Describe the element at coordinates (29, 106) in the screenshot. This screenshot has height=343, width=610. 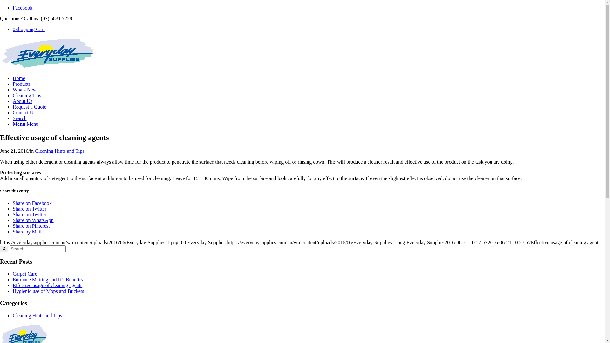
I see `'Request a Quote'` at that location.